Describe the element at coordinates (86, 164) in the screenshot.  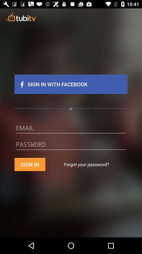
I see `the forgot your password? icon` at that location.